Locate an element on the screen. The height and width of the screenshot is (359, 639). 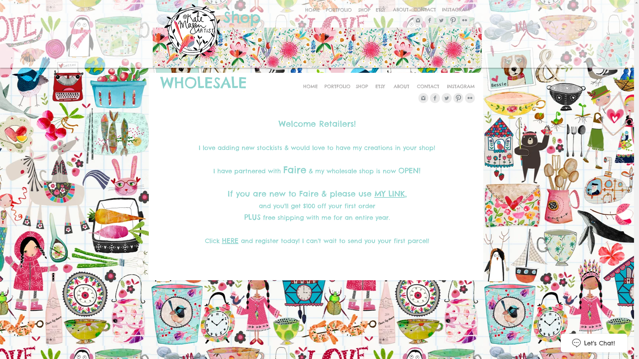
'CONTACT' is located at coordinates (410, 10).